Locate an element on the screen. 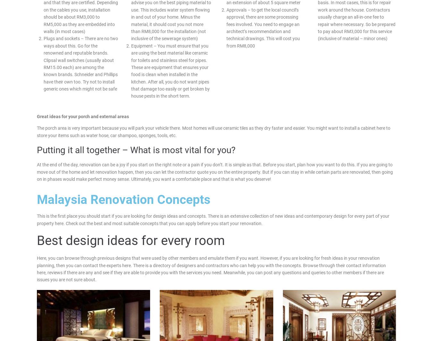  'Malaysia Renovation Concepts' is located at coordinates (123, 200).